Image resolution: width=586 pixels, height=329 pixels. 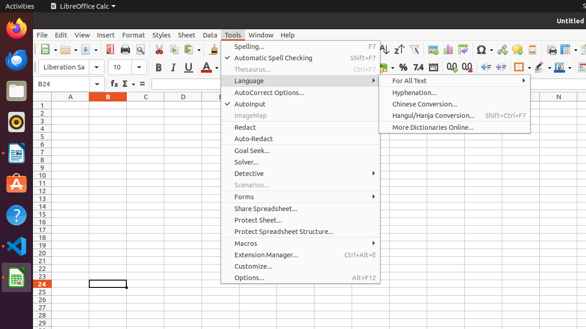 I want to click on 'E1', so click(x=221, y=105).